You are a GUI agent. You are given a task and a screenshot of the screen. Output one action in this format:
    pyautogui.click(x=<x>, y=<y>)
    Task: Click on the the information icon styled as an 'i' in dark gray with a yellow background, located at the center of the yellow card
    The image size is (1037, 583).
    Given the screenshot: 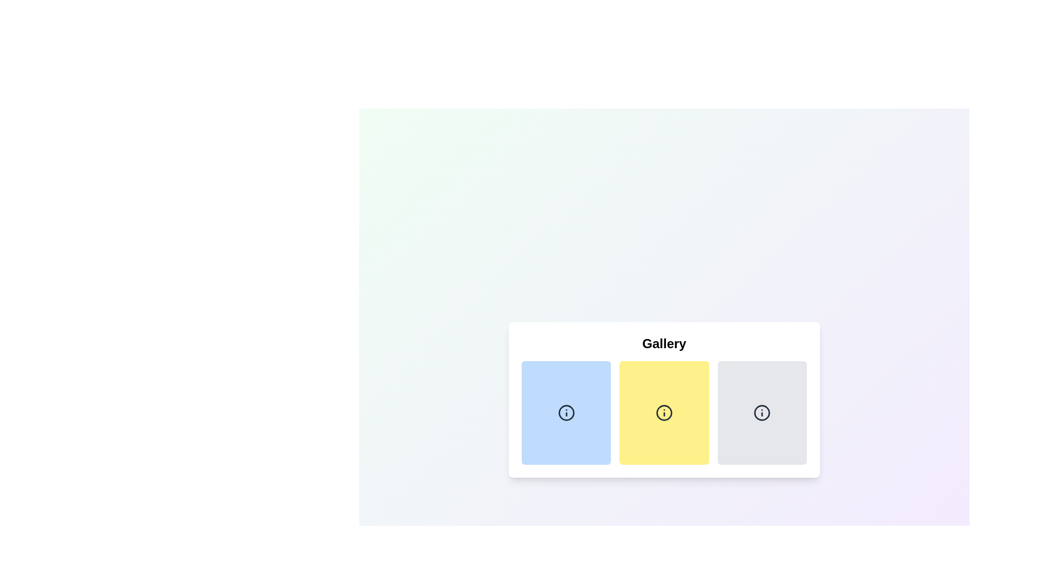 What is the action you would take?
    pyautogui.click(x=663, y=412)
    